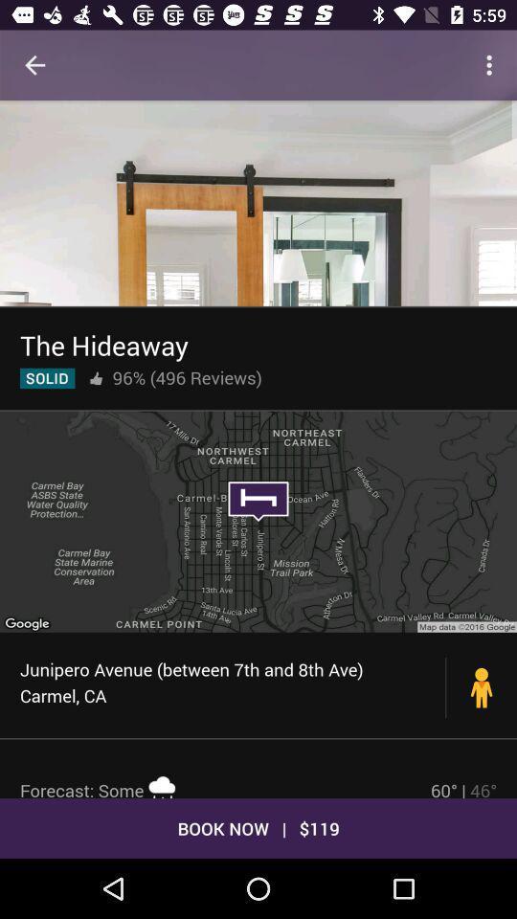  I want to click on icon above the 96% (496 reviews), so click(103, 345).